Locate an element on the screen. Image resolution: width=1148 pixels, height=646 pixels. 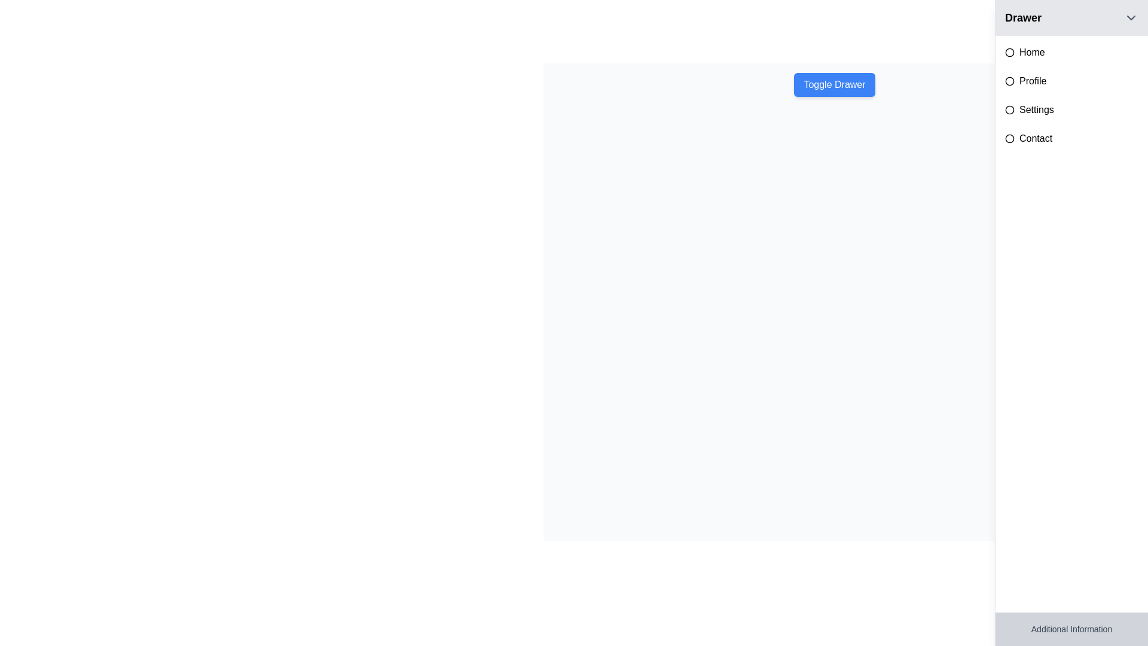
the active state icon (circle) associated with the 'Home' option is located at coordinates (1009, 52).